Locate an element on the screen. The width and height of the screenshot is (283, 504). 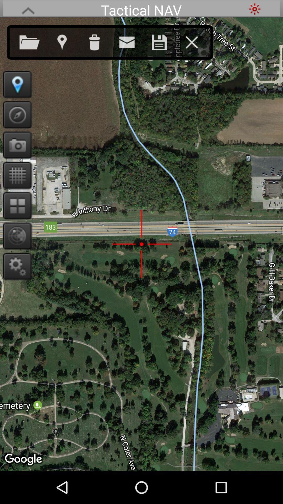
settings is located at coordinates (254, 9).